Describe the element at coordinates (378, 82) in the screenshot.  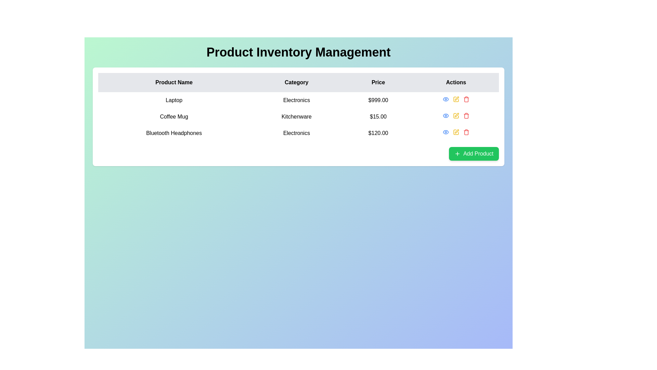
I see `the 'Price' text label, which is a bold black font on a light gray background located in the header row of a table, positioned between 'Category' and 'Actions'` at that location.